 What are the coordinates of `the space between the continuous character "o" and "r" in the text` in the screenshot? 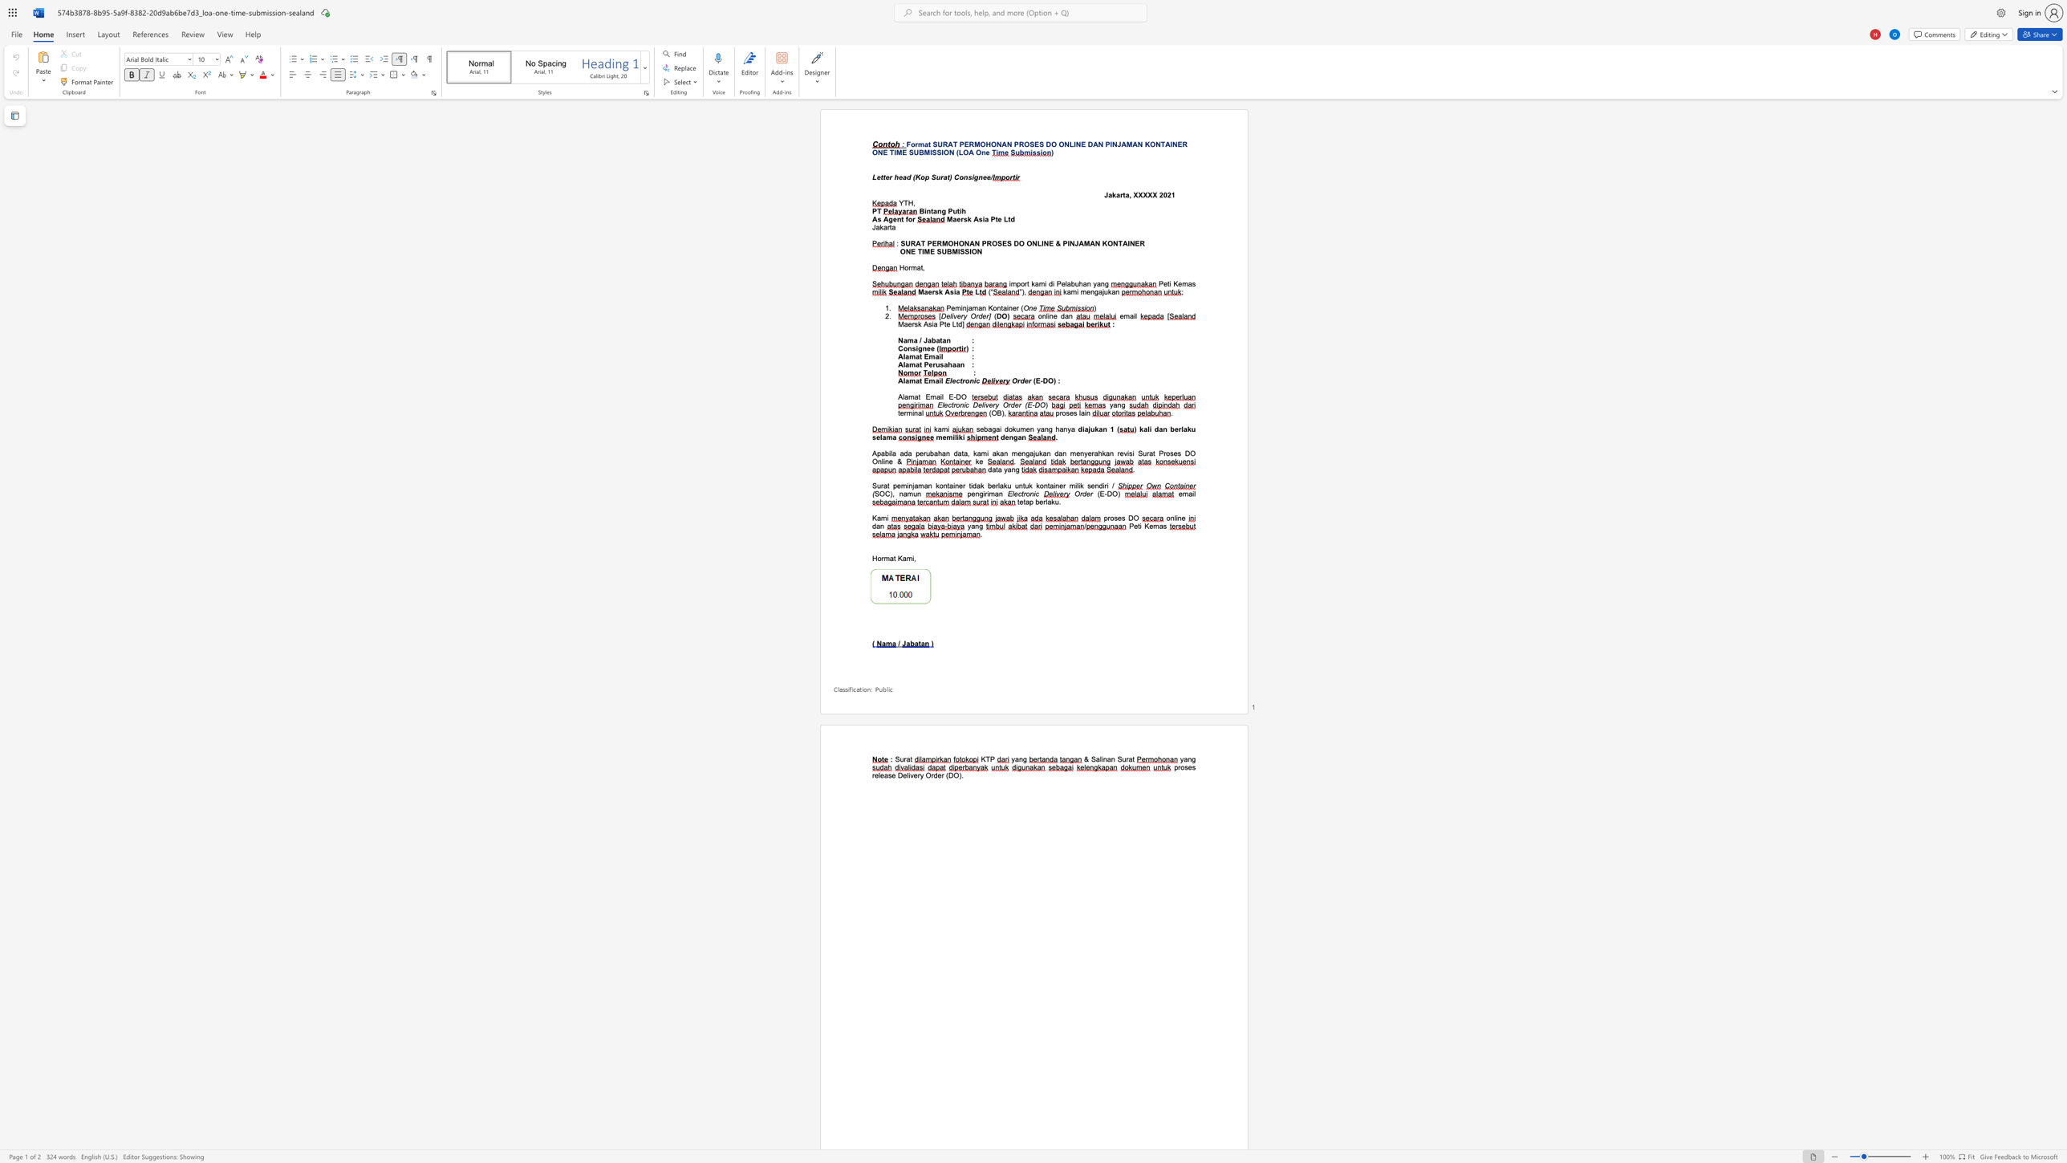 It's located at (912, 218).